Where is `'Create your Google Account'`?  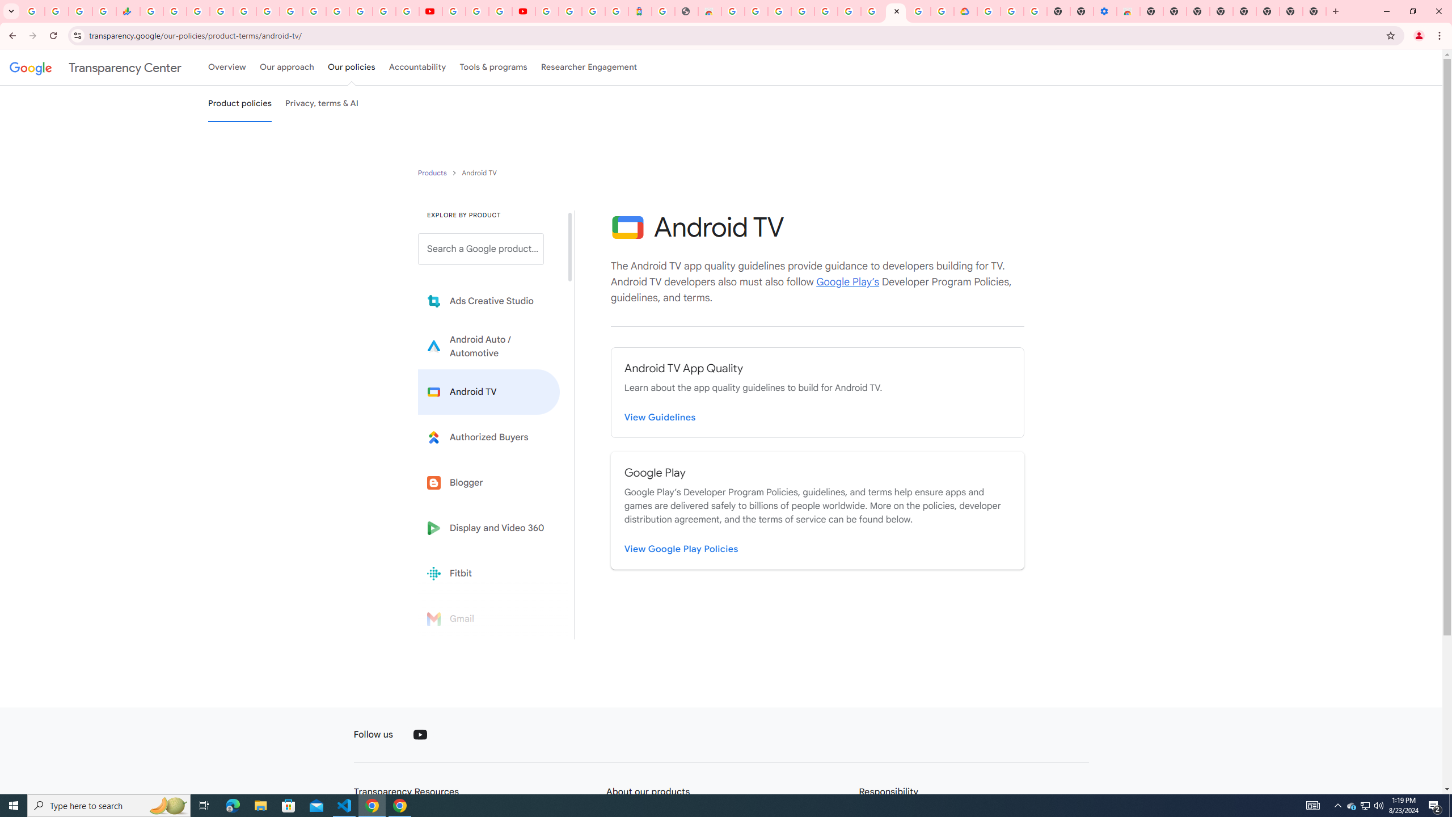 'Create your Google Account' is located at coordinates (499, 11).